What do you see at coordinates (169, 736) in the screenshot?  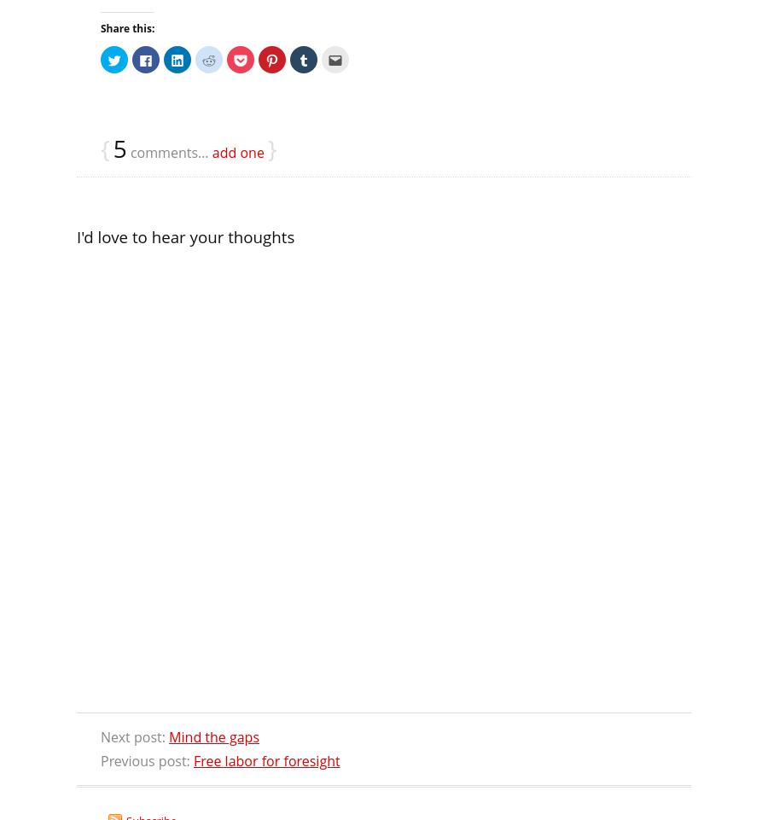 I see `'Mind the gaps'` at bounding box center [169, 736].